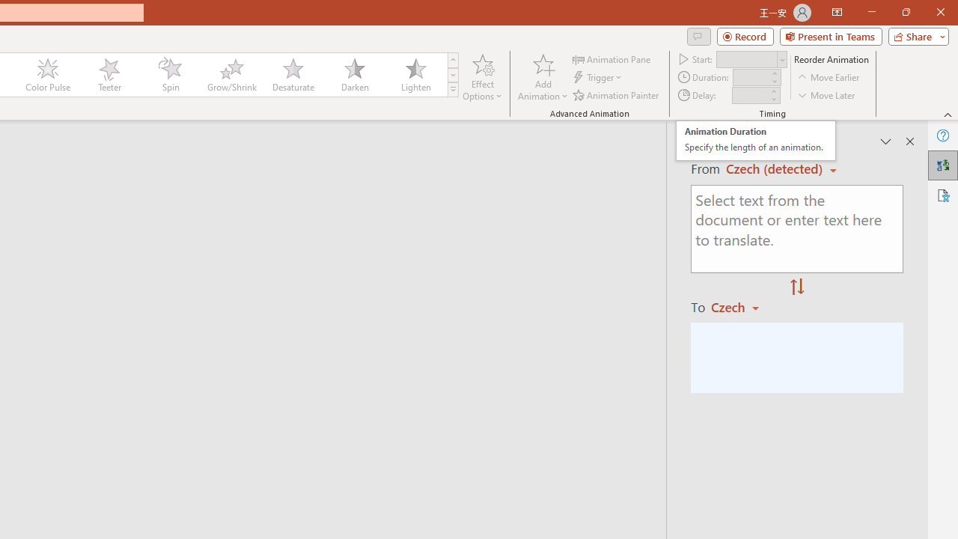  Describe the element at coordinates (751, 77) in the screenshot. I see `'Animation Duration'` at that location.